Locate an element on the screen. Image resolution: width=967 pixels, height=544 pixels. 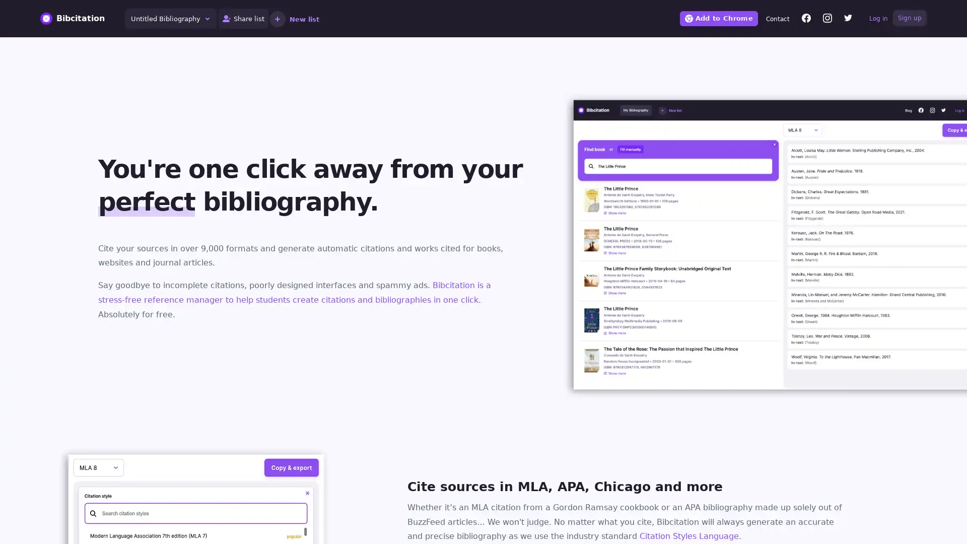
Visit our Twitter is located at coordinates (848, 19).